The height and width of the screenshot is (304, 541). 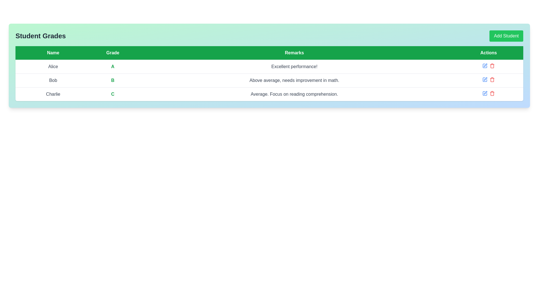 I want to click on the static text element displaying 'Charlie' in the 'Name' column of the student details table, so click(x=53, y=94).